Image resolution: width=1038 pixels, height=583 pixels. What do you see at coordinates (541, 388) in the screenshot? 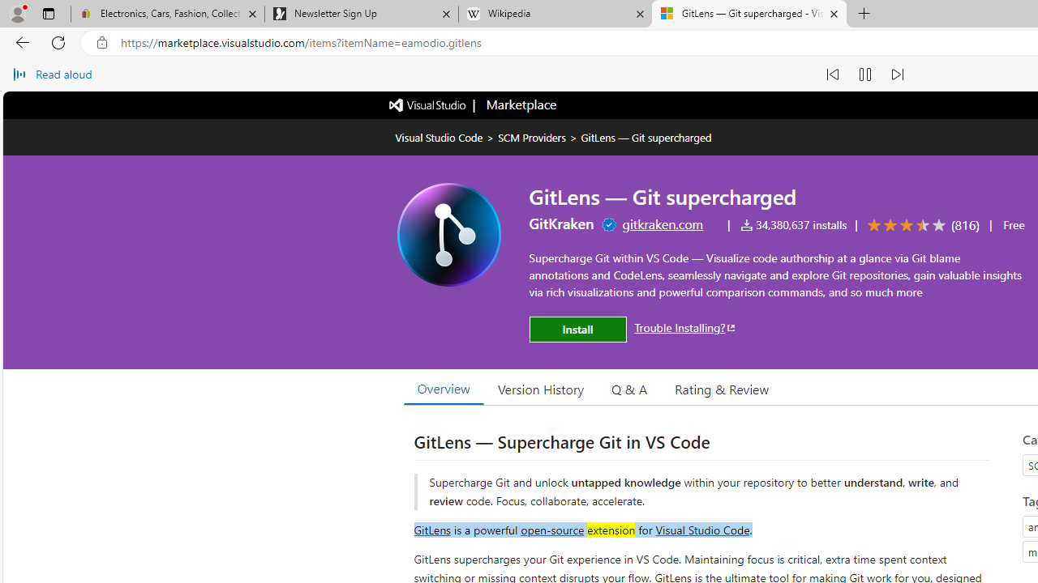
I see `'Version History'` at bounding box center [541, 388].